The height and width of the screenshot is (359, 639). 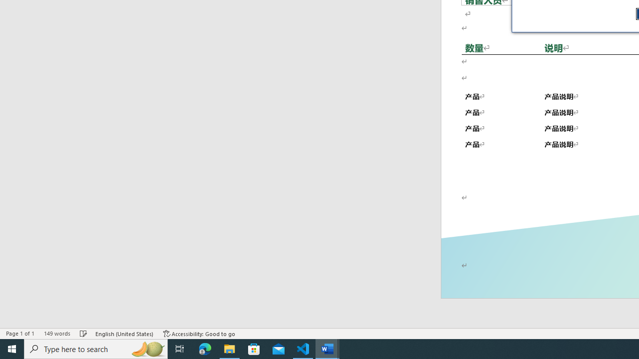 I want to click on 'Word - 2 running windows', so click(x=327, y=348).